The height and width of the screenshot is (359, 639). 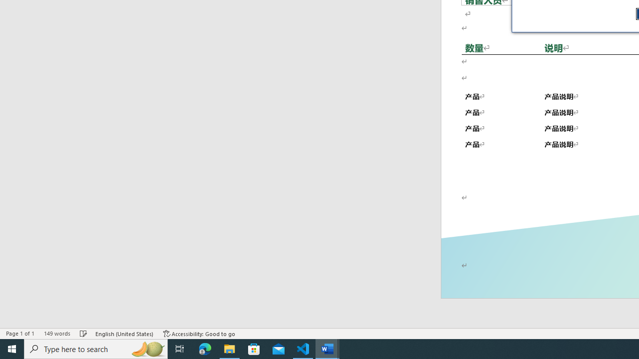 I want to click on 'Word - 2 running windows', so click(x=327, y=348).